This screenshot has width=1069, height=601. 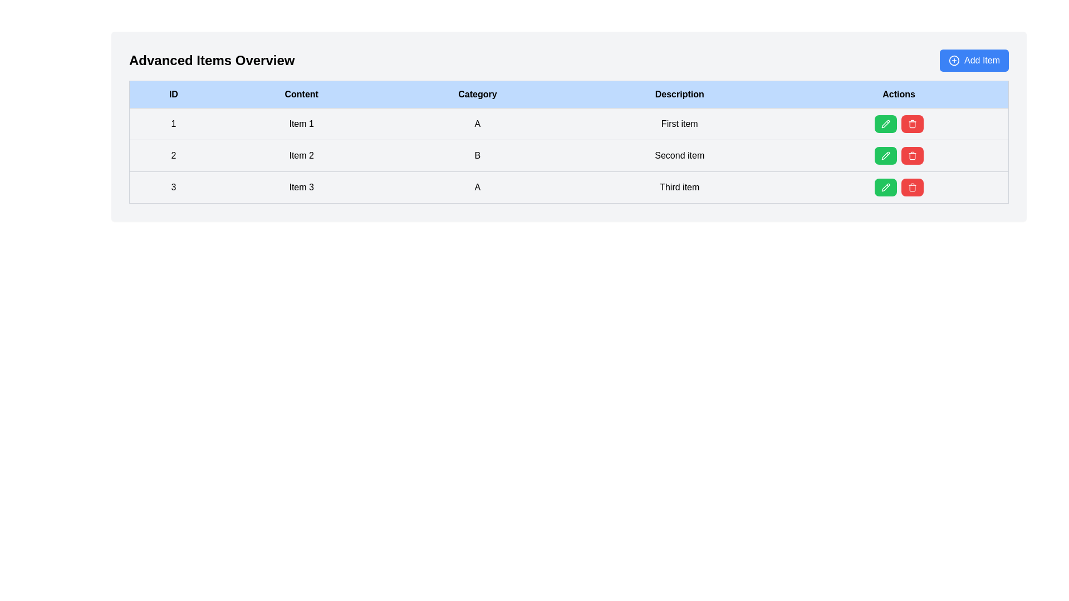 I want to click on the first cell in the 'ID' column of the table, which contains the text '1', is light gray with a bordered outline, and has center alignment, so click(x=173, y=124).